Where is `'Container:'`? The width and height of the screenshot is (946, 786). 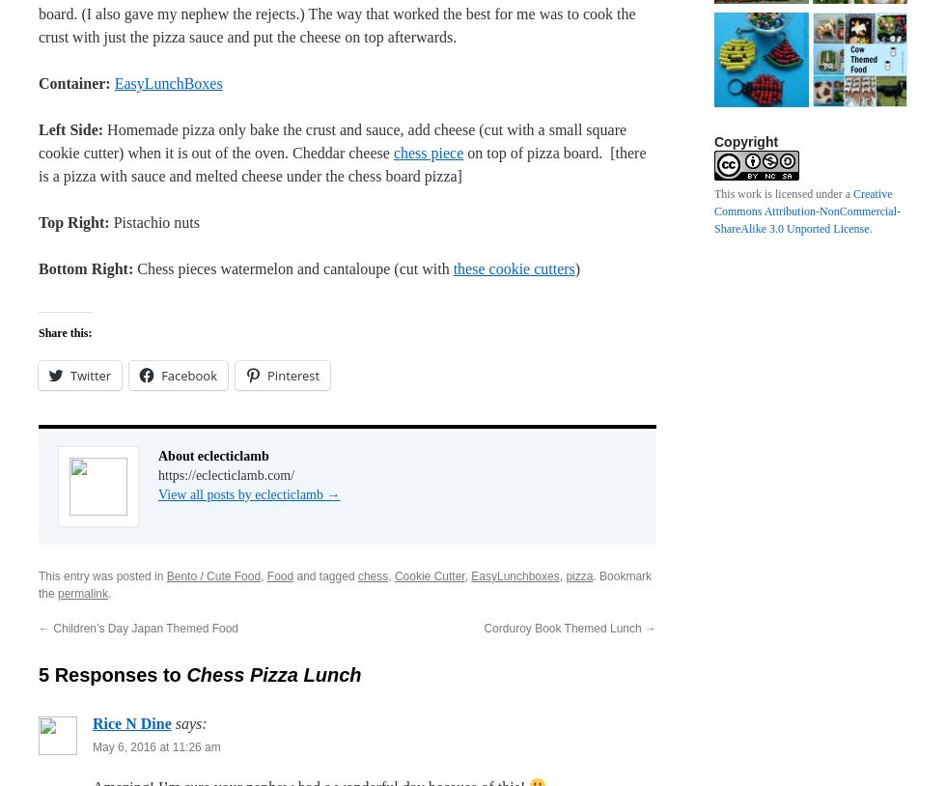
'Container:' is located at coordinates (38, 81).